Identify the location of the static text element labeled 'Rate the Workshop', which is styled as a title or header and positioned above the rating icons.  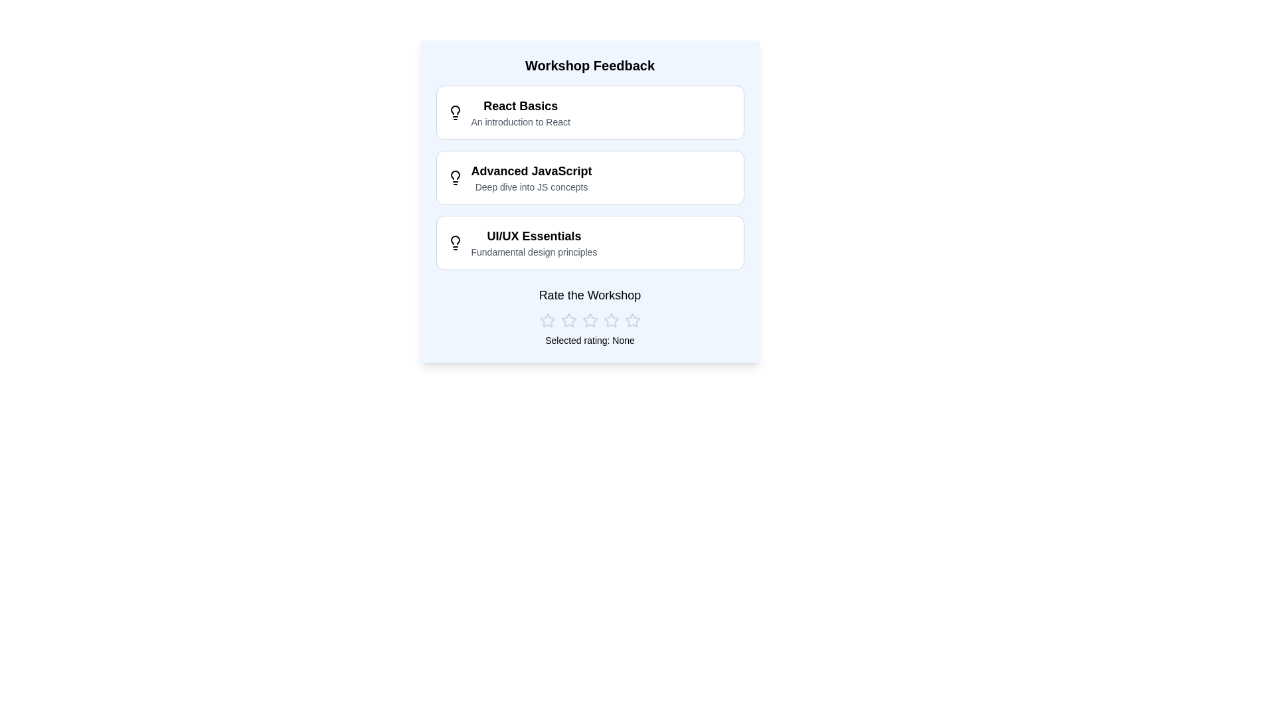
(589, 294).